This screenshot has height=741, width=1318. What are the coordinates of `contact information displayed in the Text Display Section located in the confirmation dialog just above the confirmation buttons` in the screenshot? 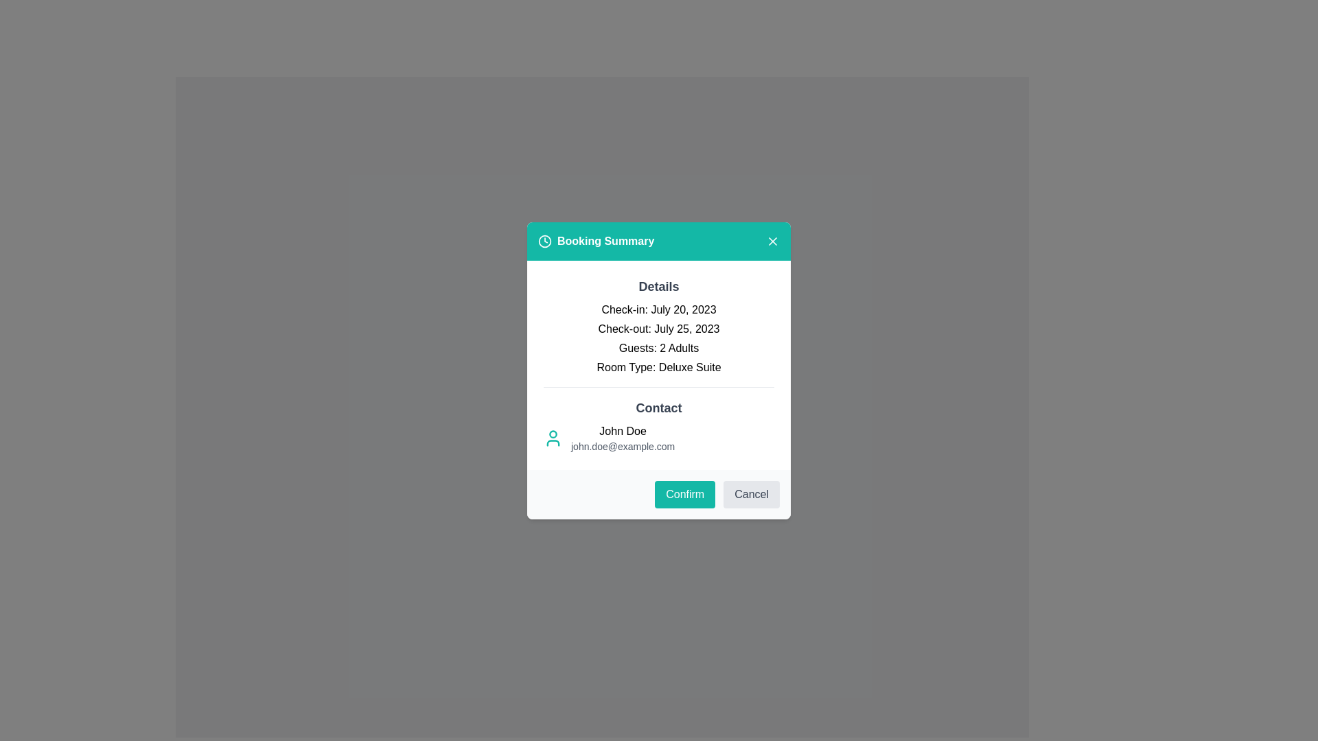 It's located at (659, 419).